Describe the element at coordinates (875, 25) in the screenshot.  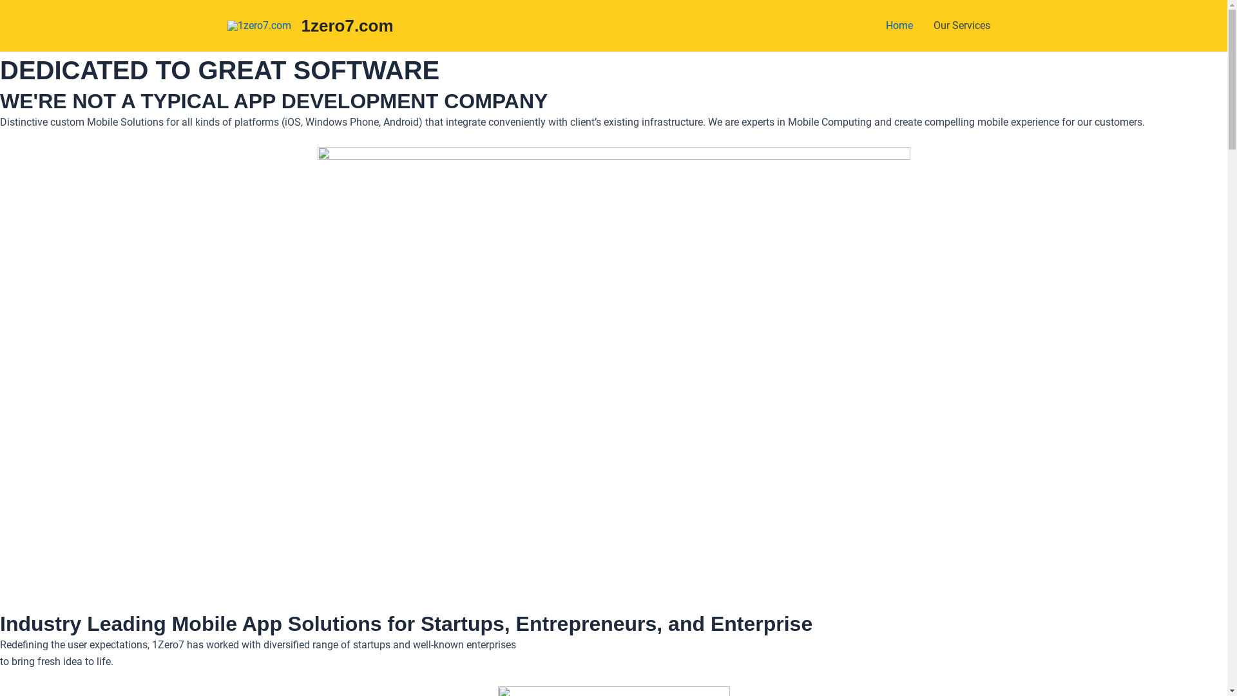
I see `'Home'` at that location.